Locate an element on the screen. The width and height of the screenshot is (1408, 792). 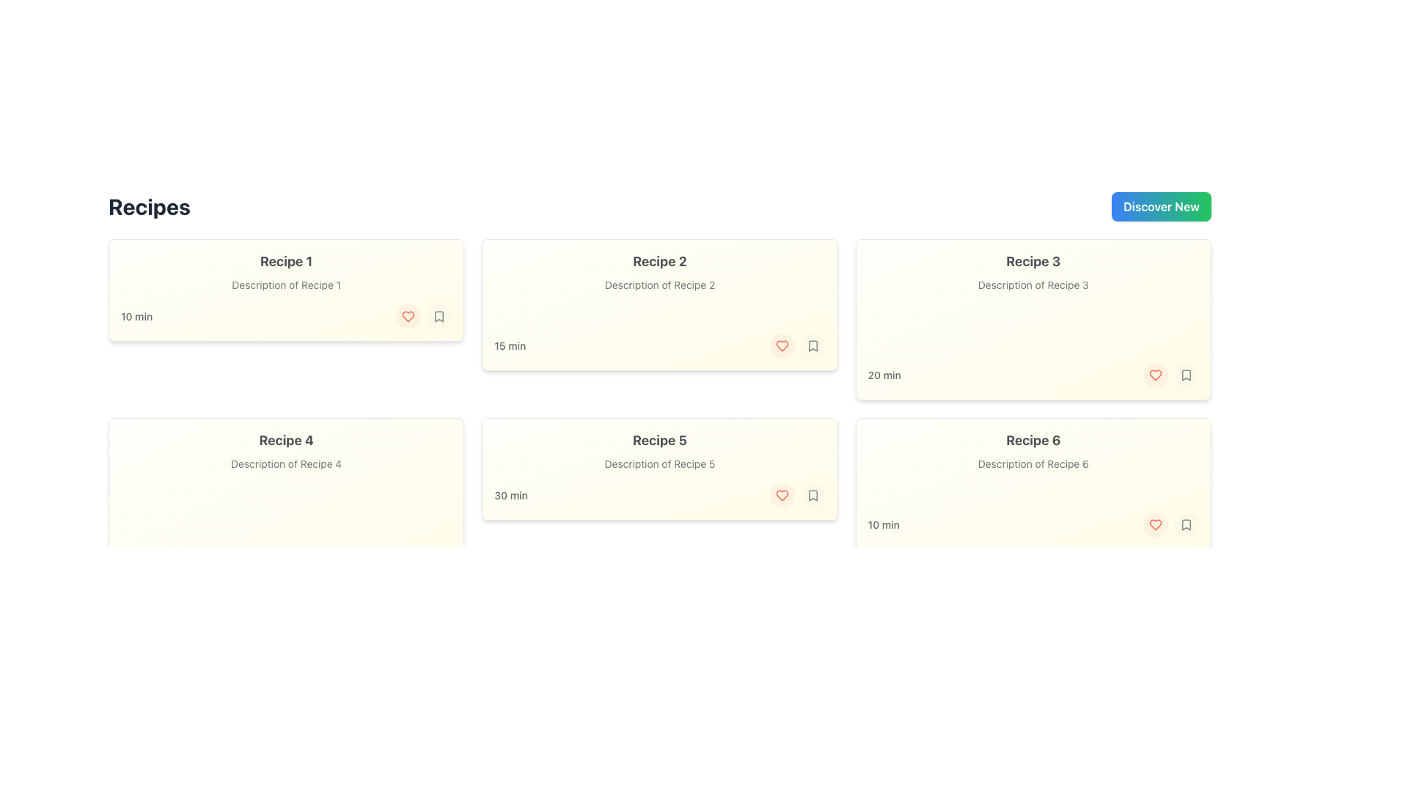
the heart-shaped icon styled in red within the light red circular background, located at the bottom-right corner of the card labeled 'Recipe 6' is located at coordinates (1154, 524).